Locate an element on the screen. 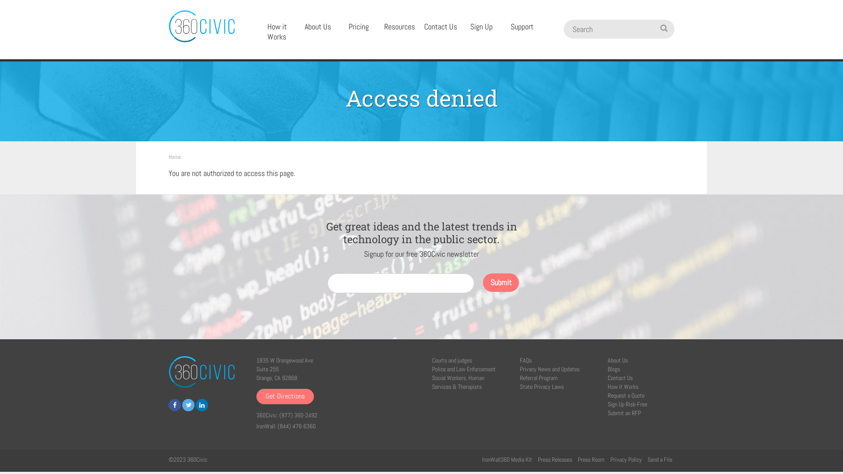  'Submit an RFP' is located at coordinates (623, 413).